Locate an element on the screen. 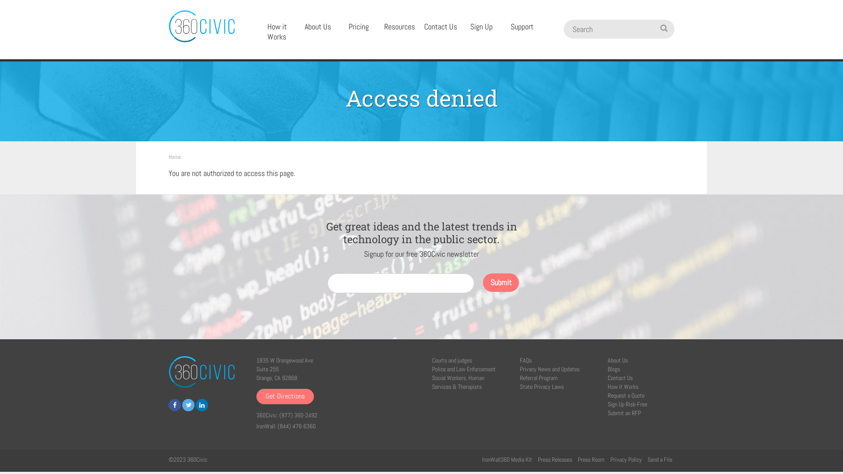  'Submit an RFP' is located at coordinates (623, 413).